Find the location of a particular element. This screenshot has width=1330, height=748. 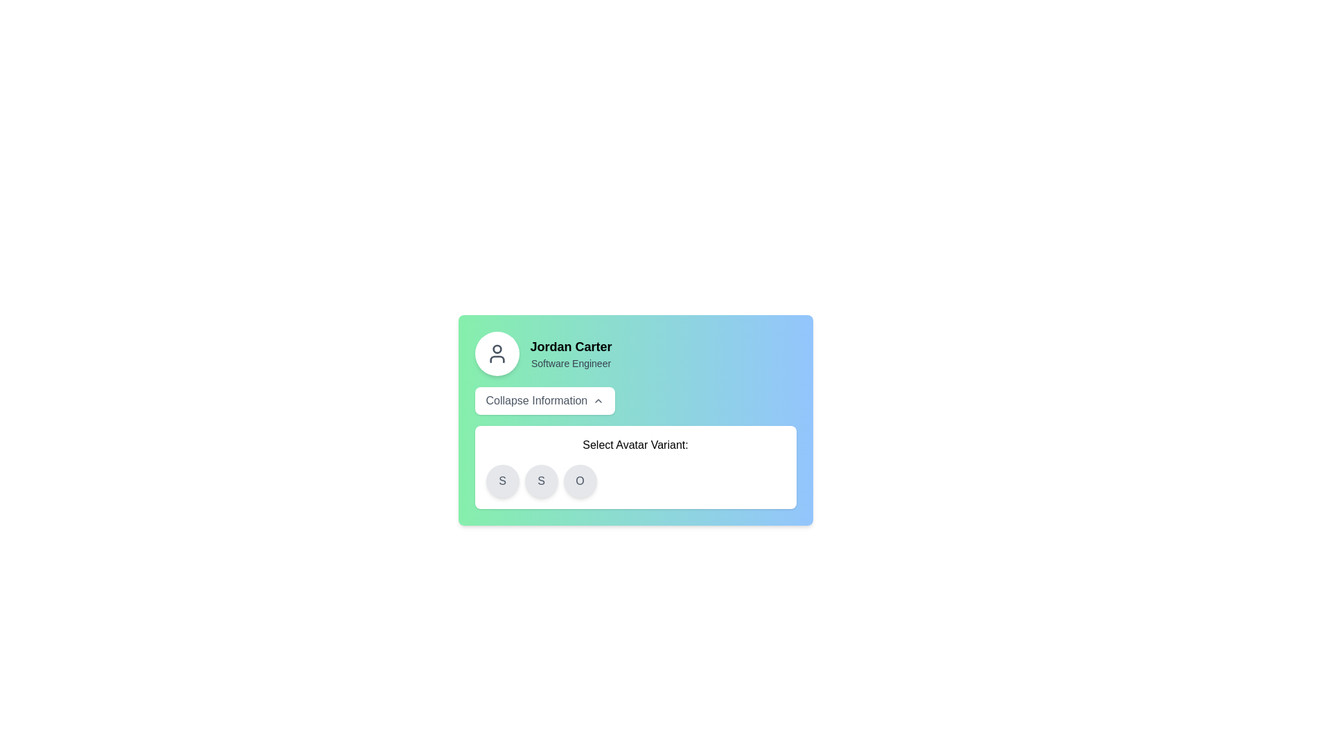

the circular button with a gray background and the uppercase letter 'S' in the center is located at coordinates (502, 480).